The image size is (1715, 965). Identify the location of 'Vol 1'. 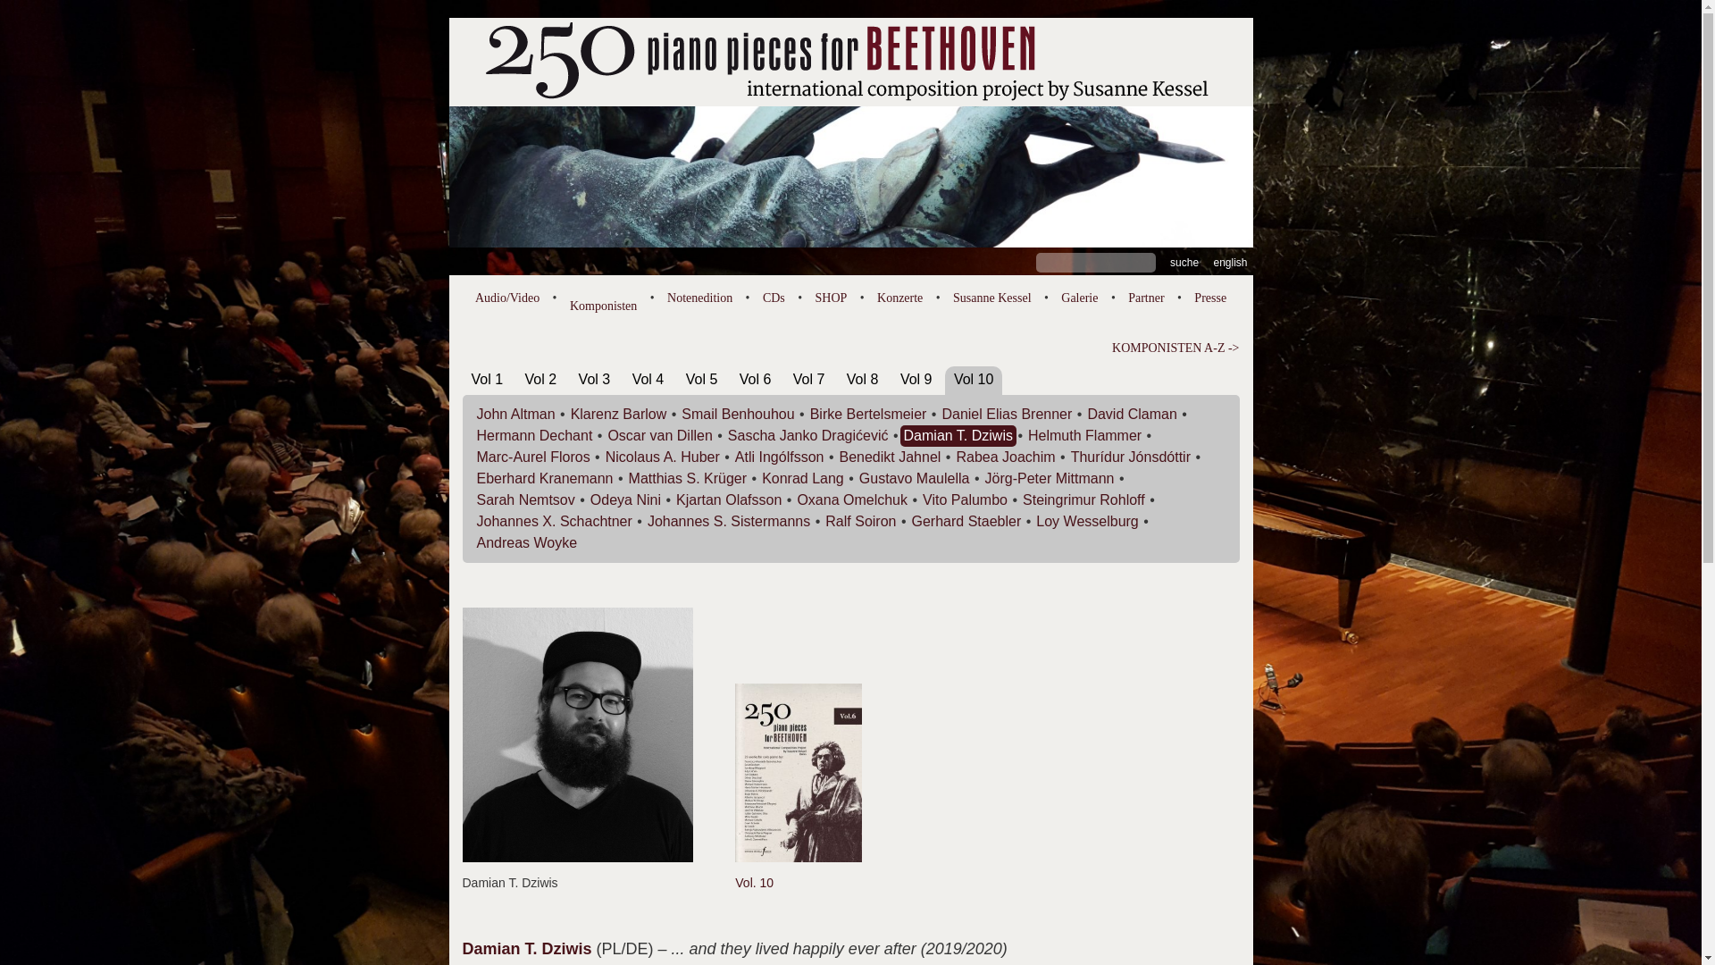
(488, 378).